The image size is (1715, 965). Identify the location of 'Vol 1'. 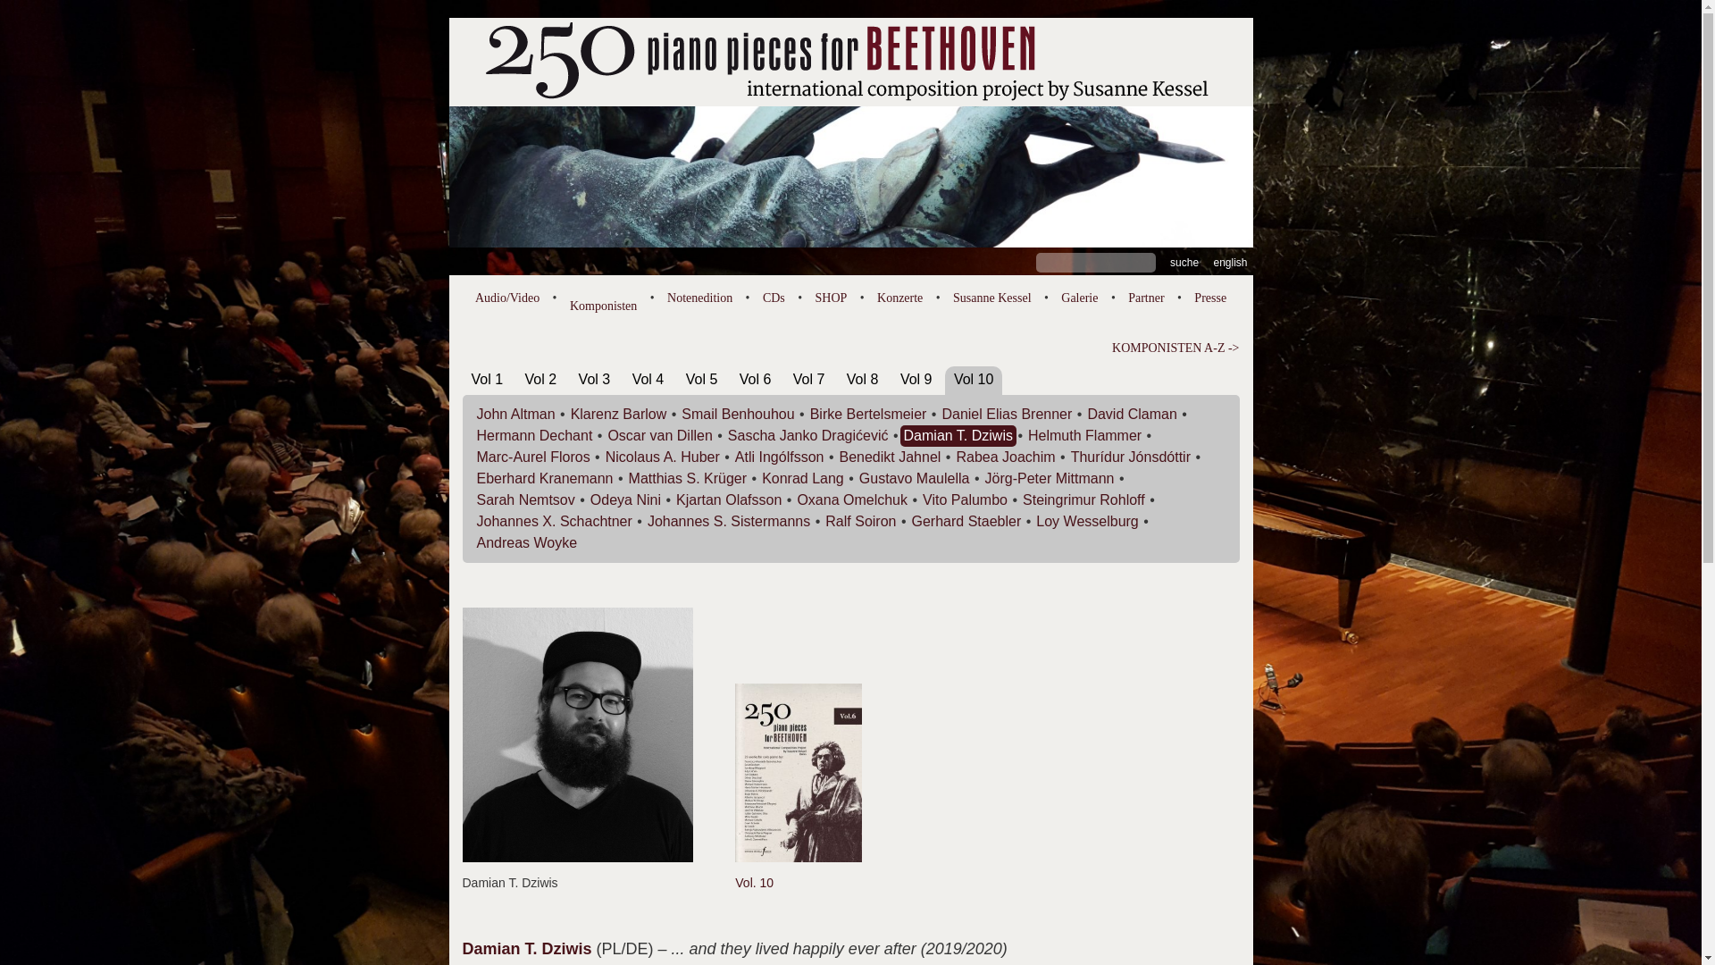
(488, 378).